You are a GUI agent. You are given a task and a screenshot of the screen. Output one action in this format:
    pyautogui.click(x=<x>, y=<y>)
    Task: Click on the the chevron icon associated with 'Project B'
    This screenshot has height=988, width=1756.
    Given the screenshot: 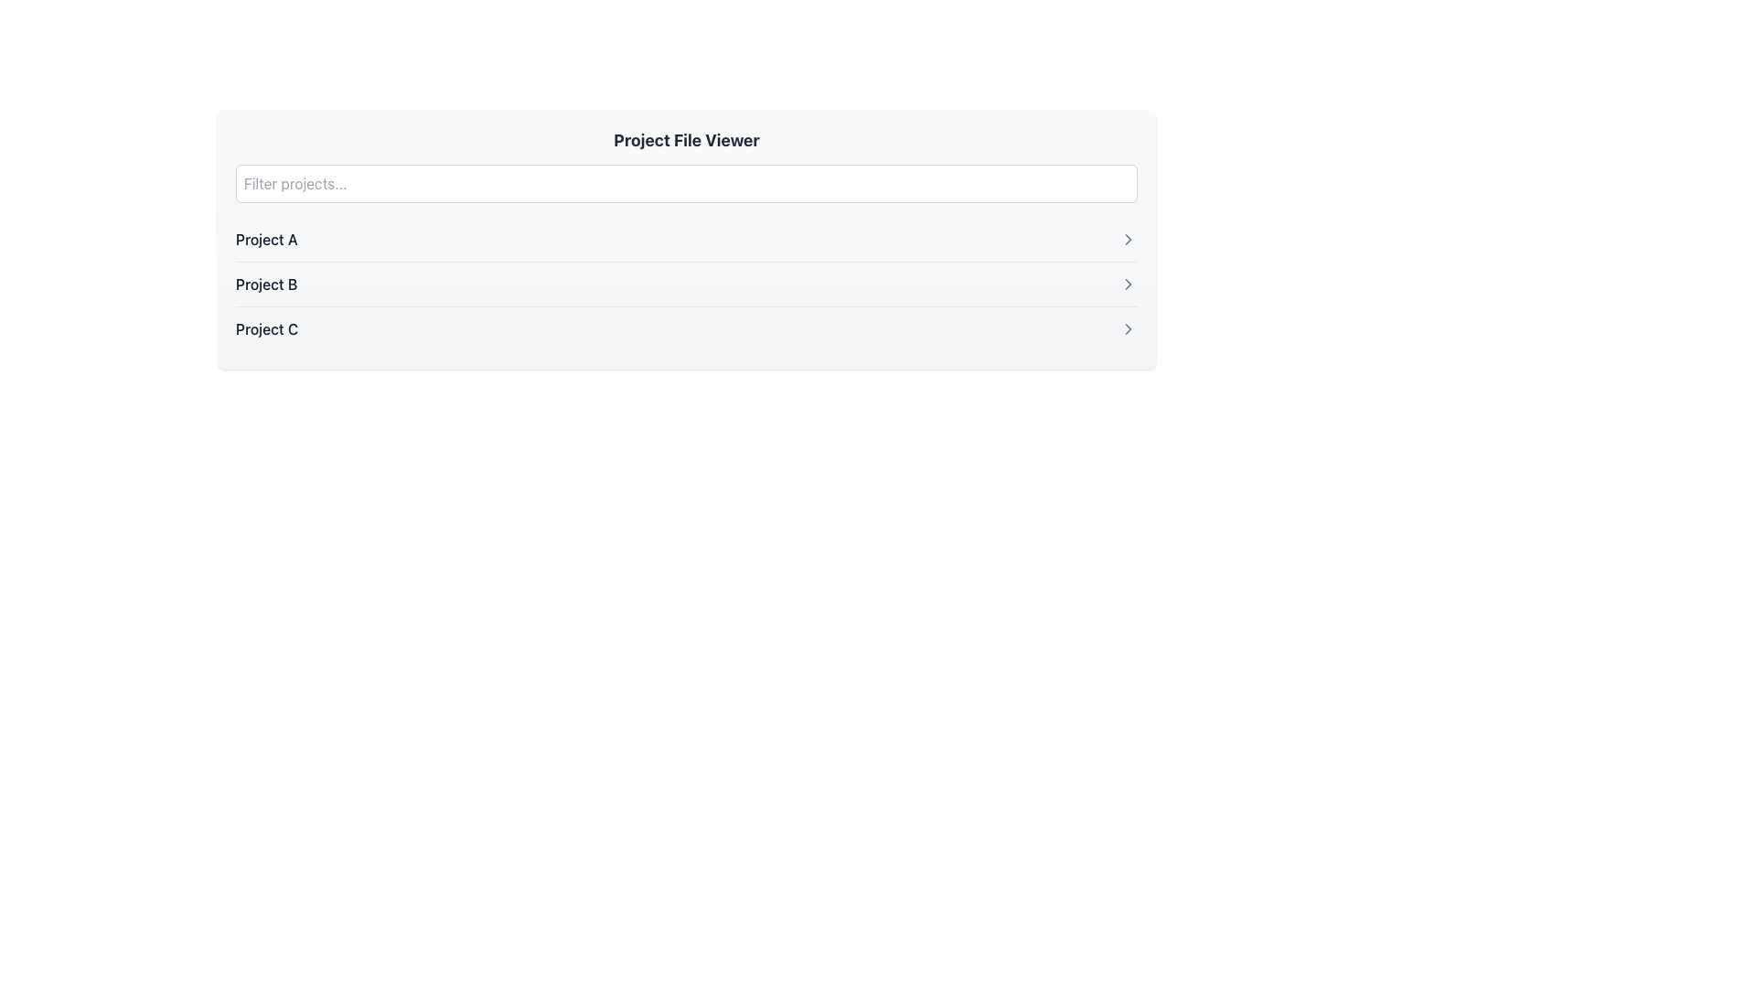 What is the action you would take?
    pyautogui.click(x=1127, y=285)
    